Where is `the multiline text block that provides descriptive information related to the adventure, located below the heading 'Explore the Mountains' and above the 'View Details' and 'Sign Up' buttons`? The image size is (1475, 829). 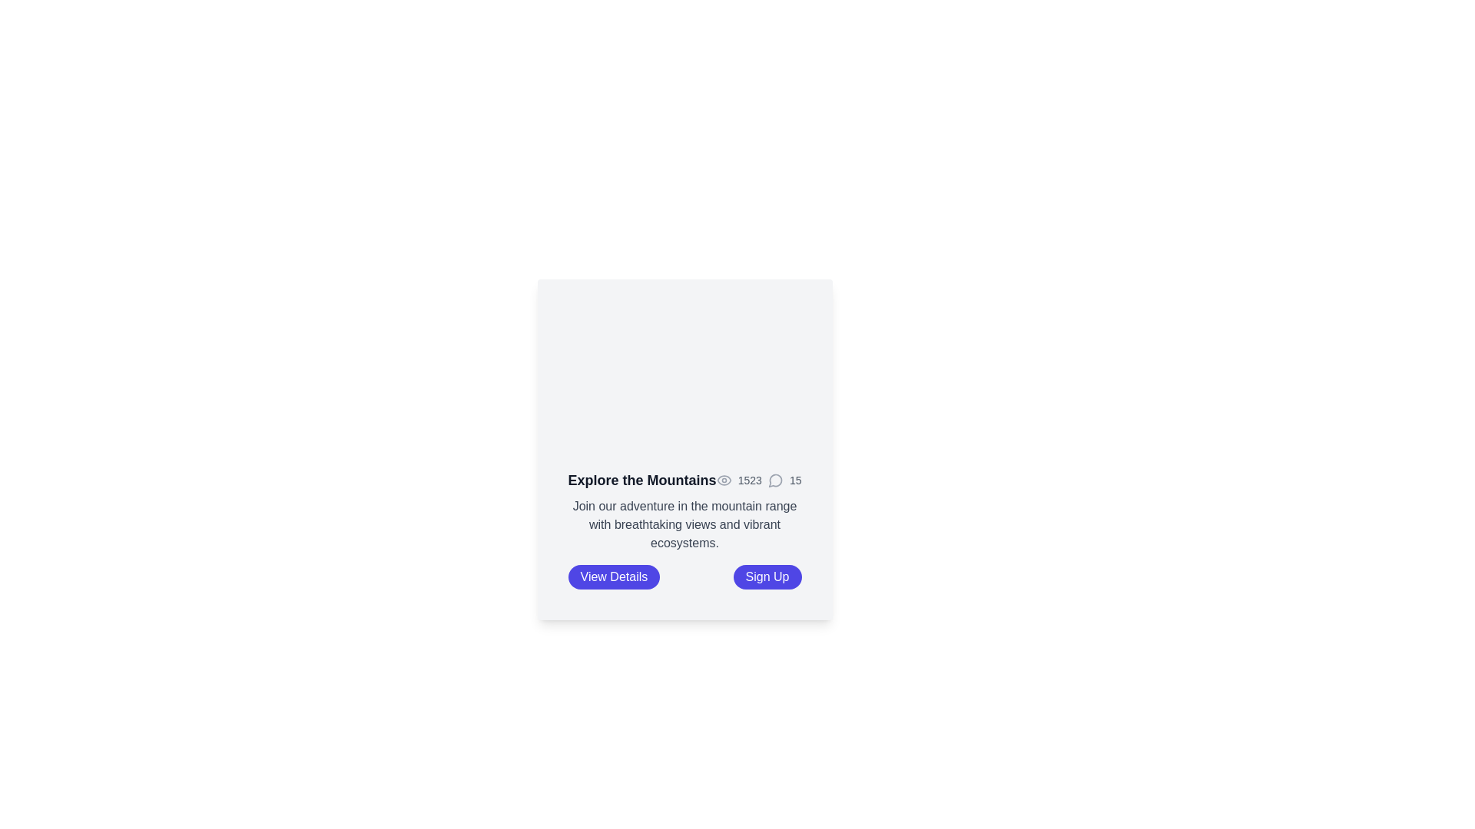 the multiline text block that provides descriptive information related to the adventure, located below the heading 'Explore the Mountains' and above the 'View Details' and 'Sign Up' buttons is located at coordinates (684, 523).